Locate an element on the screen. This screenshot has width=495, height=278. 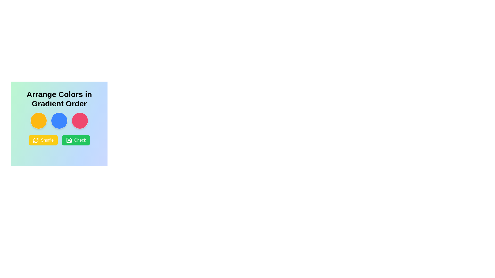
the shuffle button to randomize the color arrangement is located at coordinates (35, 140).